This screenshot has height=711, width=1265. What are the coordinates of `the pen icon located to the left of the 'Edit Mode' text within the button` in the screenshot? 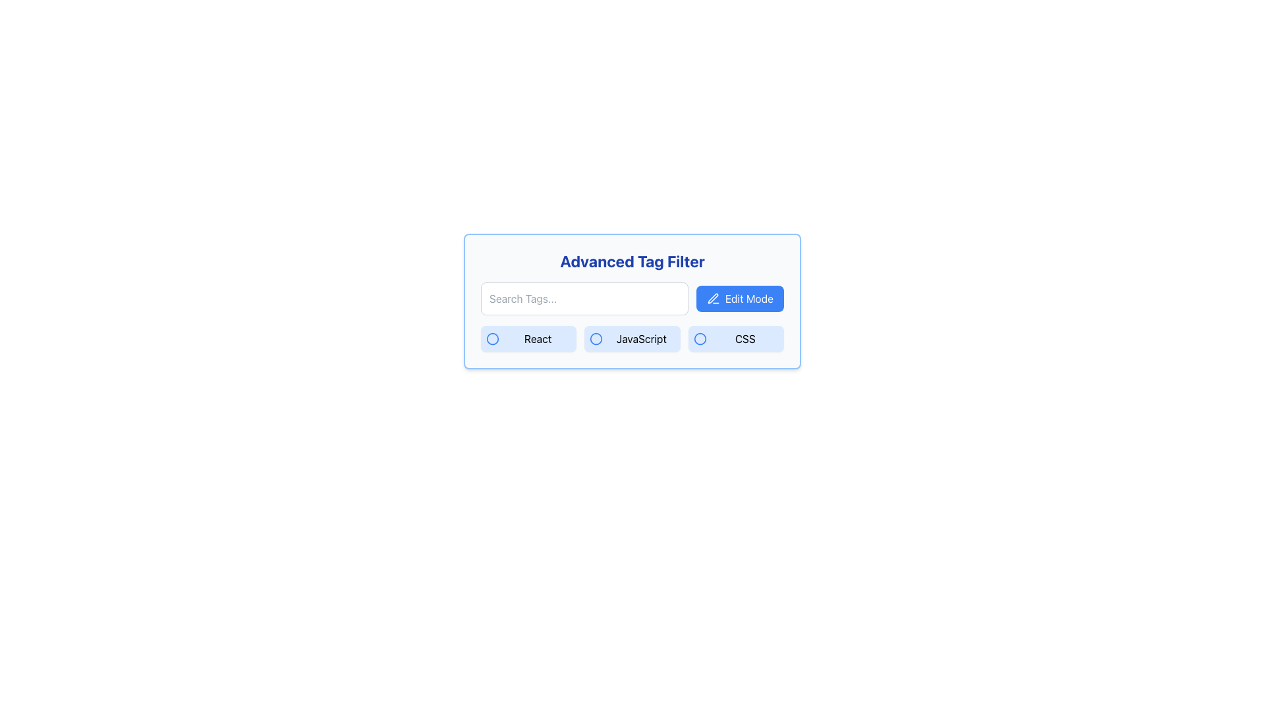 It's located at (712, 299).